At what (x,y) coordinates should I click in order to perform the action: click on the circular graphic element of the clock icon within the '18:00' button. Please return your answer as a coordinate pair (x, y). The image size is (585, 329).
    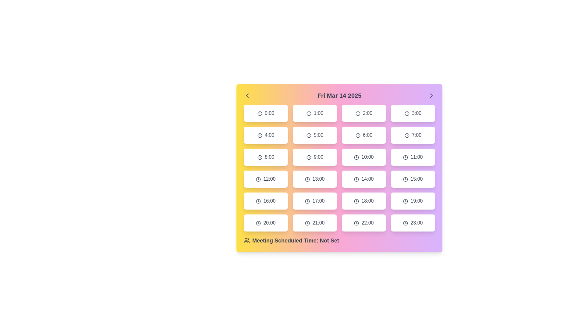
    Looking at the image, I should click on (356, 201).